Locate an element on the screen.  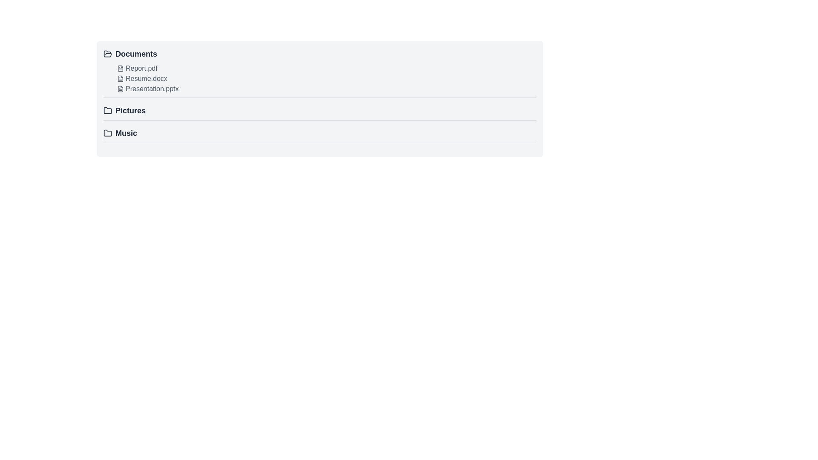
the SVG icon representing a file with textual content, which is located to the left of the 'Resume.docx' text in the 'Documents' section is located at coordinates (120, 79).